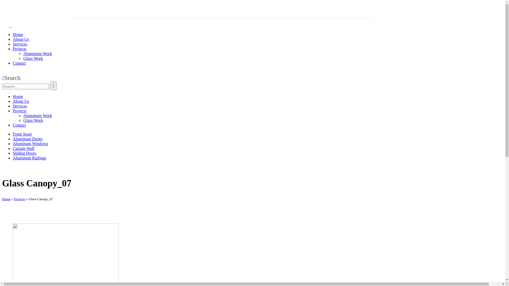 The image size is (509, 286). What do you see at coordinates (27, 138) in the screenshot?
I see `'Aluminum Doors'` at bounding box center [27, 138].